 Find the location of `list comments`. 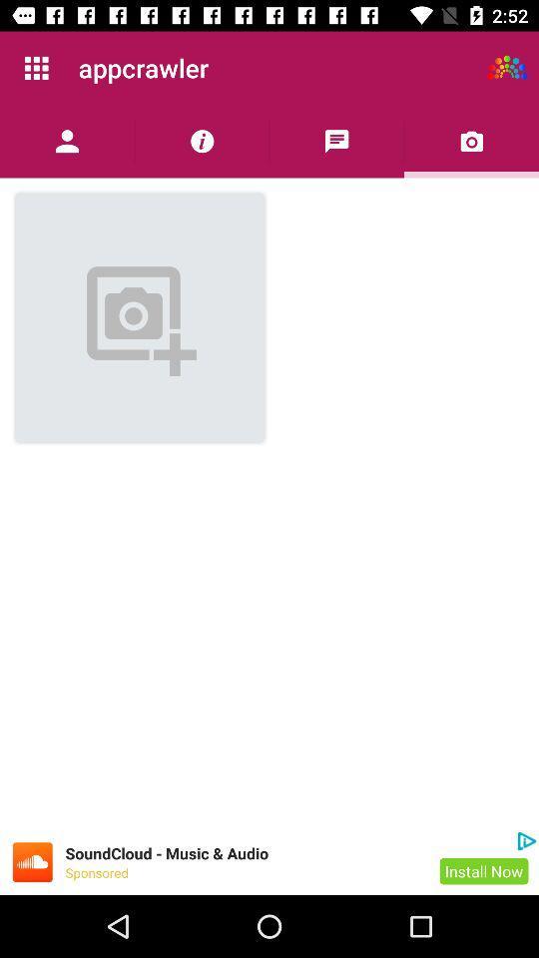

list comments is located at coordinates (336, 140).